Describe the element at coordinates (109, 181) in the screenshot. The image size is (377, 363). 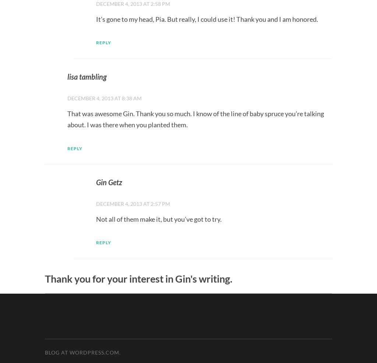
I see `'Gin Getz'` at that location.